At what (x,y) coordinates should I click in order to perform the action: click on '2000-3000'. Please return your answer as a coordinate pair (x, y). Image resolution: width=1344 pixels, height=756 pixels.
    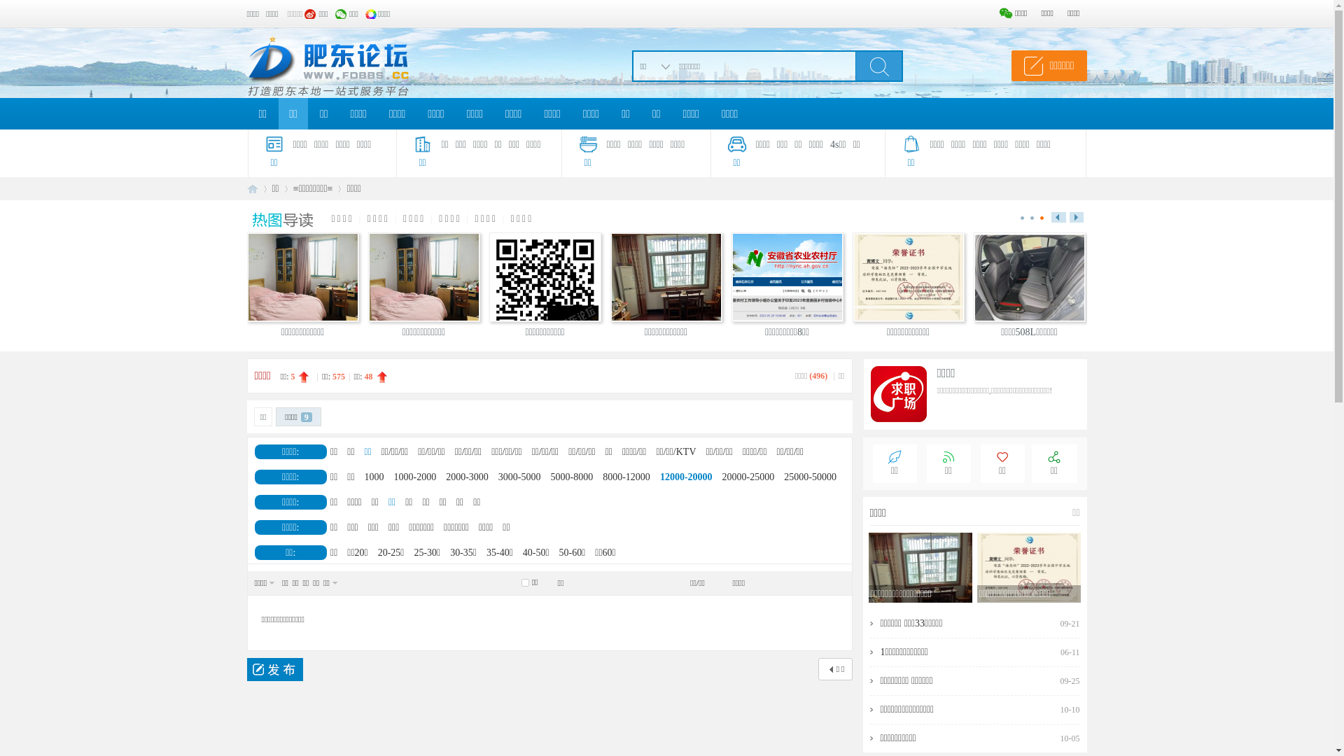
    Looking at the image, I should click on (467, 476).